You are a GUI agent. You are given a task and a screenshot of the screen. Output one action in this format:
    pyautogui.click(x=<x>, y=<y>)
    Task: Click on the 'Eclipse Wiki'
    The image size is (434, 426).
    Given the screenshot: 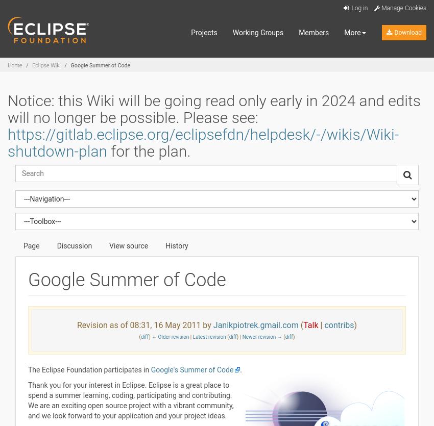 What is the action you would take?
    pyautogui.click(x=45, y=65)
    